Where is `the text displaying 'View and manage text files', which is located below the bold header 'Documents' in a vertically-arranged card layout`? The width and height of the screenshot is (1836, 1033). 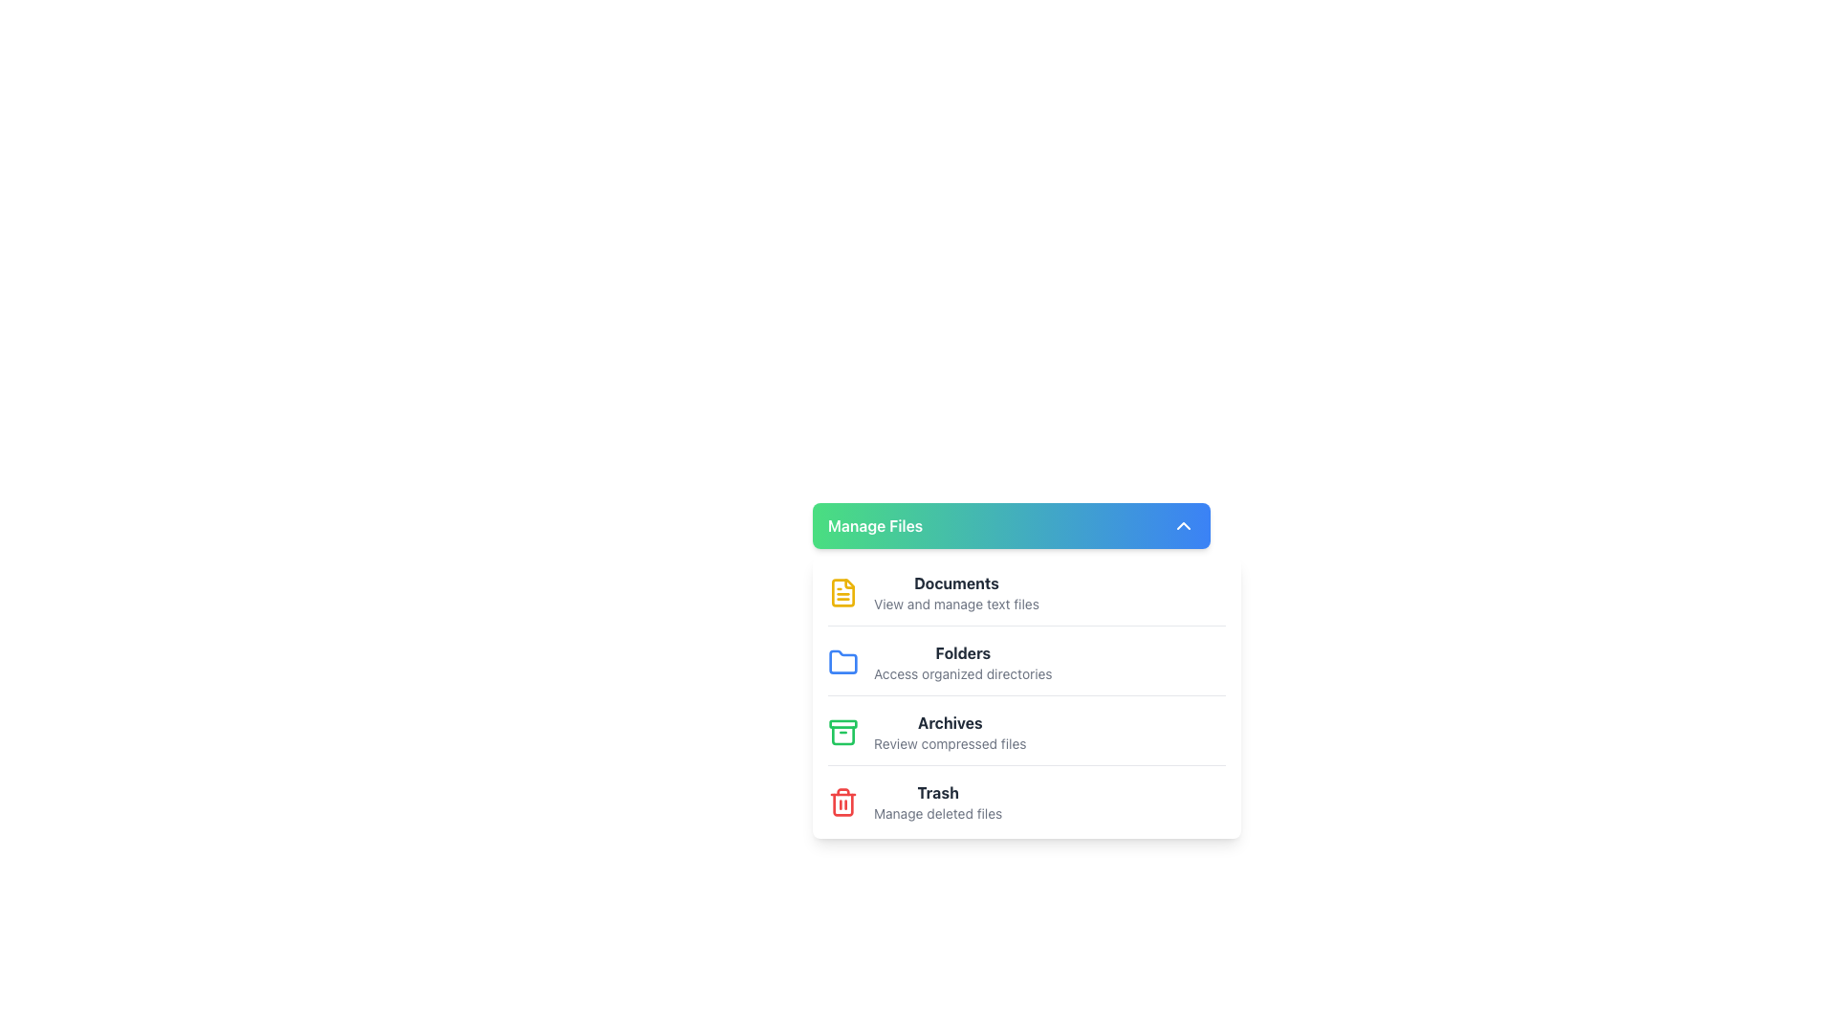
the text displaying 'View and manage text files', which is located below the bold header 'Documents' in a vertically-arranged card layout is located at coordinates (956, 604).